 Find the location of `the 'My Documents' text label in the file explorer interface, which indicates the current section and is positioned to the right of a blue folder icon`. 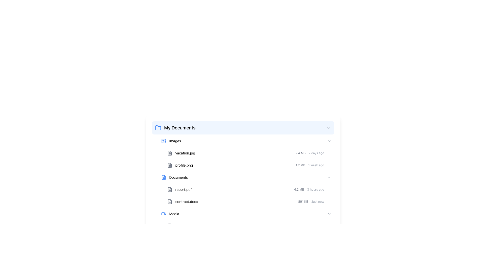

the 'My Documents' text label in the file explorer interface, which indicates the current section and is positioned to the right of a blue folder icon is located at coordinates (180, 127).